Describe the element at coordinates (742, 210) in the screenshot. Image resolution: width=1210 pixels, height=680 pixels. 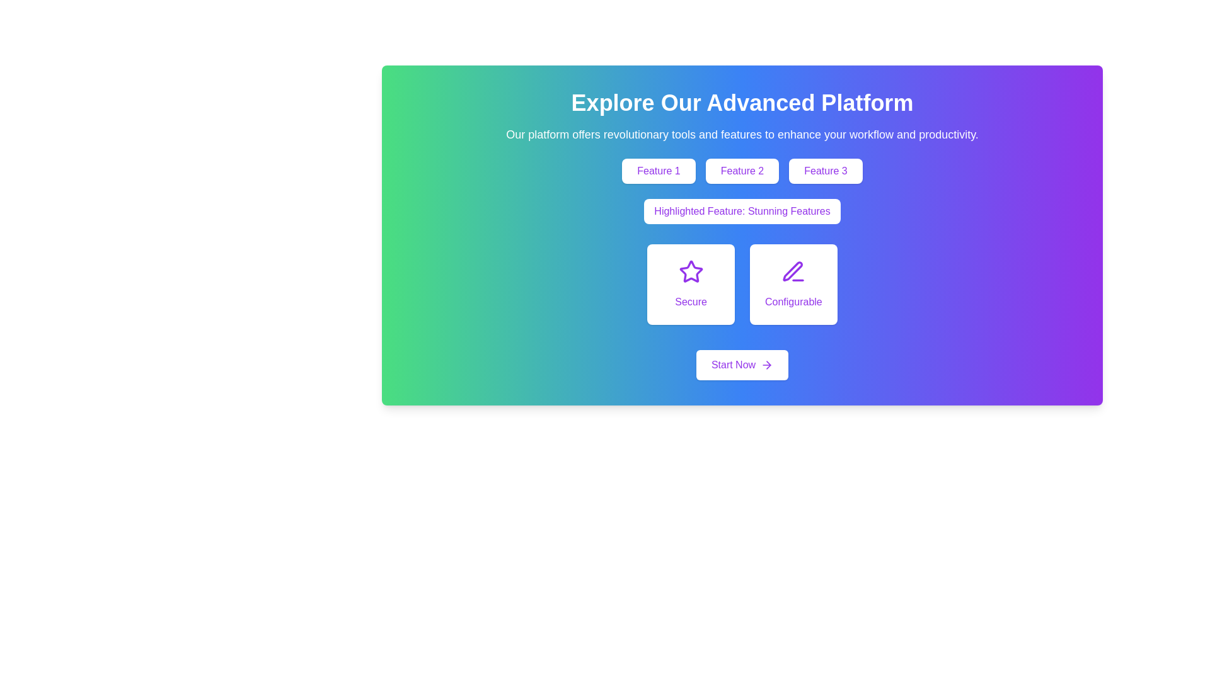
I see `the text display element that reads 'Highlighted Feature: Stunning Features', styled with a white background and purple text, located centrally below the buttons labeled Feature 1, Feature 2, and Feature 3` at that location.